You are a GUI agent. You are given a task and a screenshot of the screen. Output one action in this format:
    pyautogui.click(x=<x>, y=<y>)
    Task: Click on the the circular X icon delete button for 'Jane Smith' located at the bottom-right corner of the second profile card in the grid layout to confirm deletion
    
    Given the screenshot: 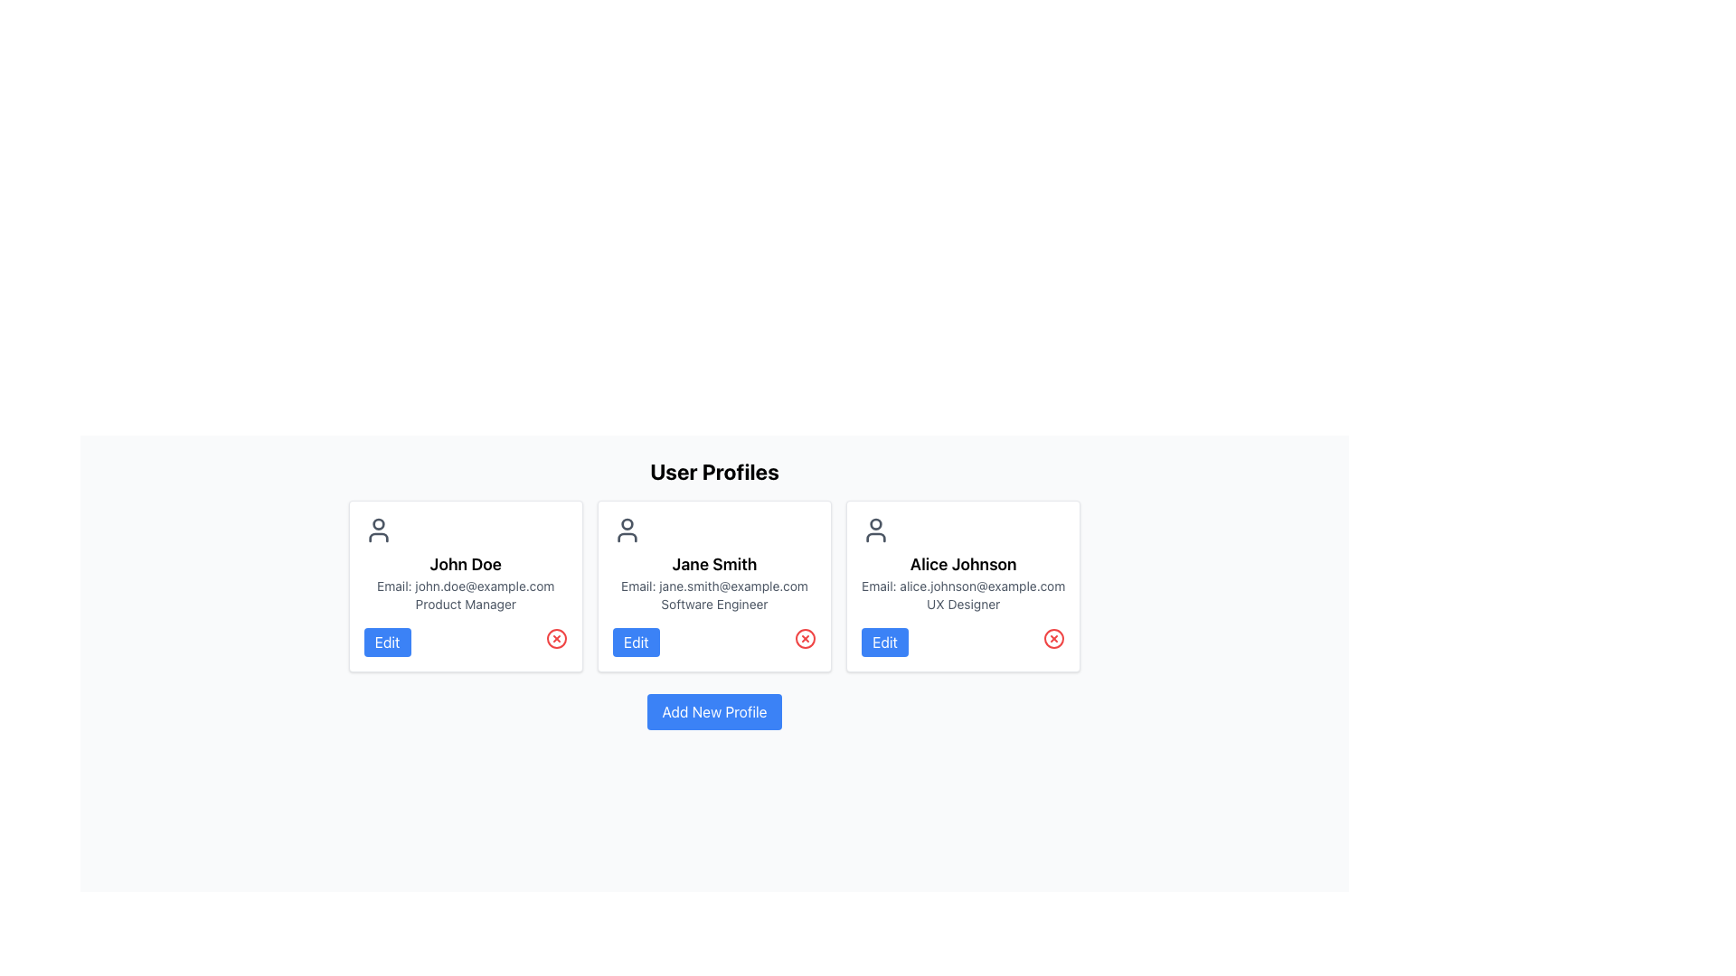 What is the action you would take?
    pyautogui.click(x=805, y=637)
    